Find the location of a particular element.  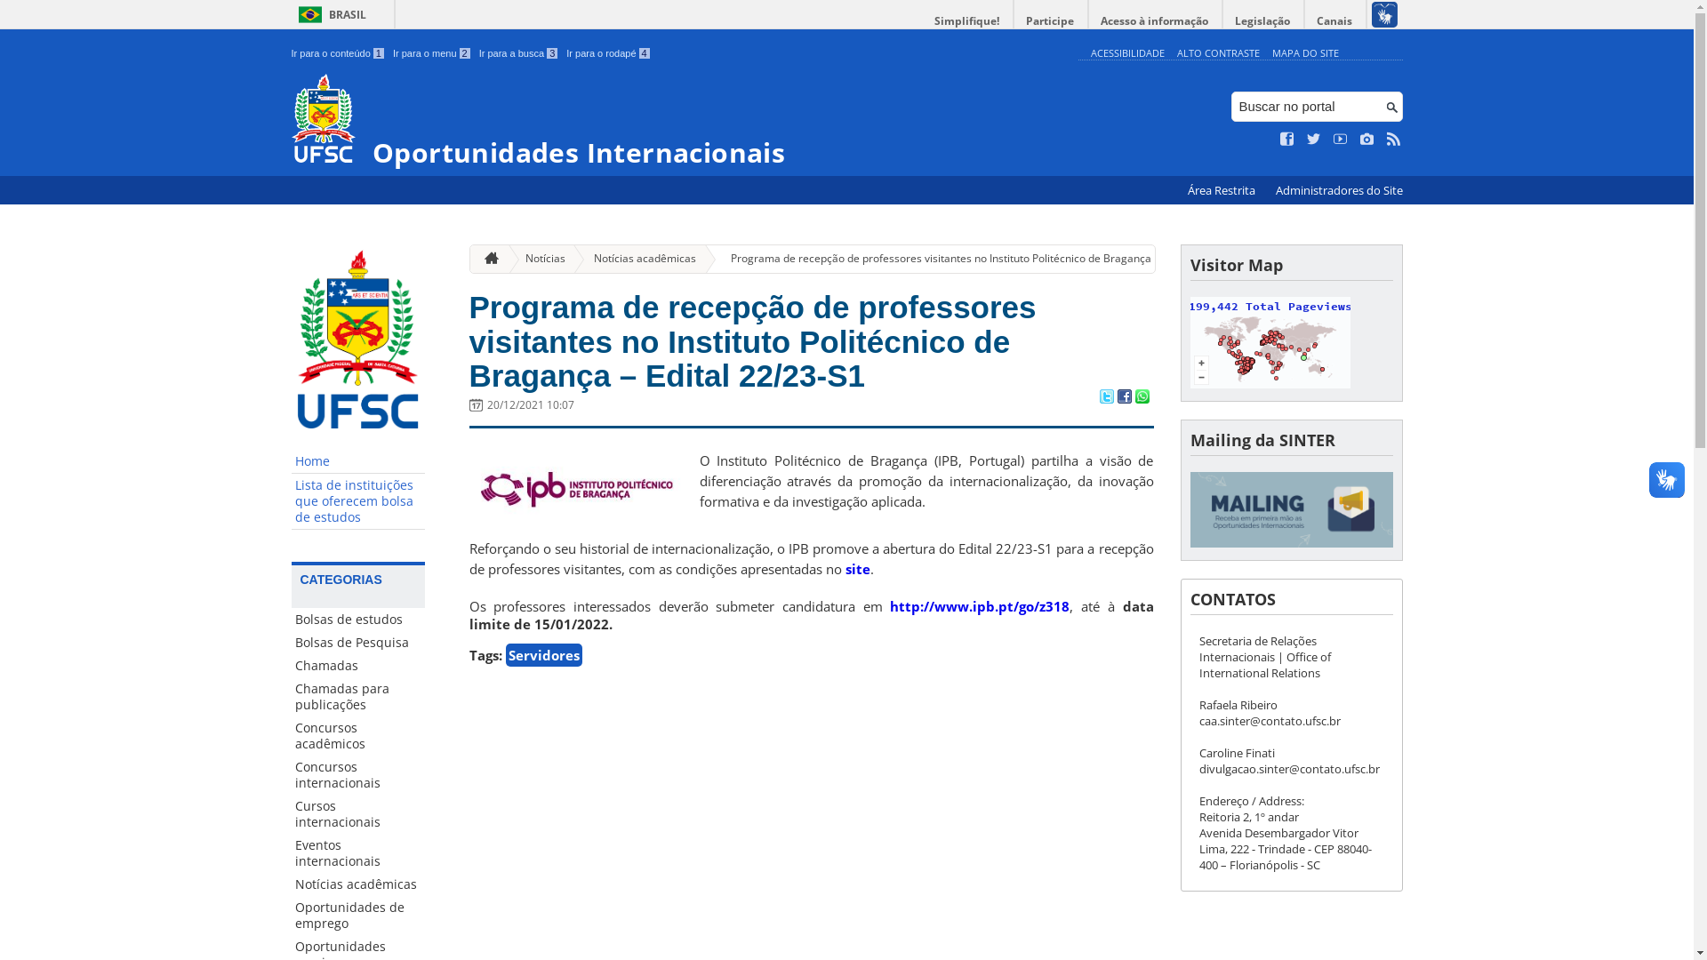

'http://www.ipb.pt/go/z318' is located at coordinates (979, 605).